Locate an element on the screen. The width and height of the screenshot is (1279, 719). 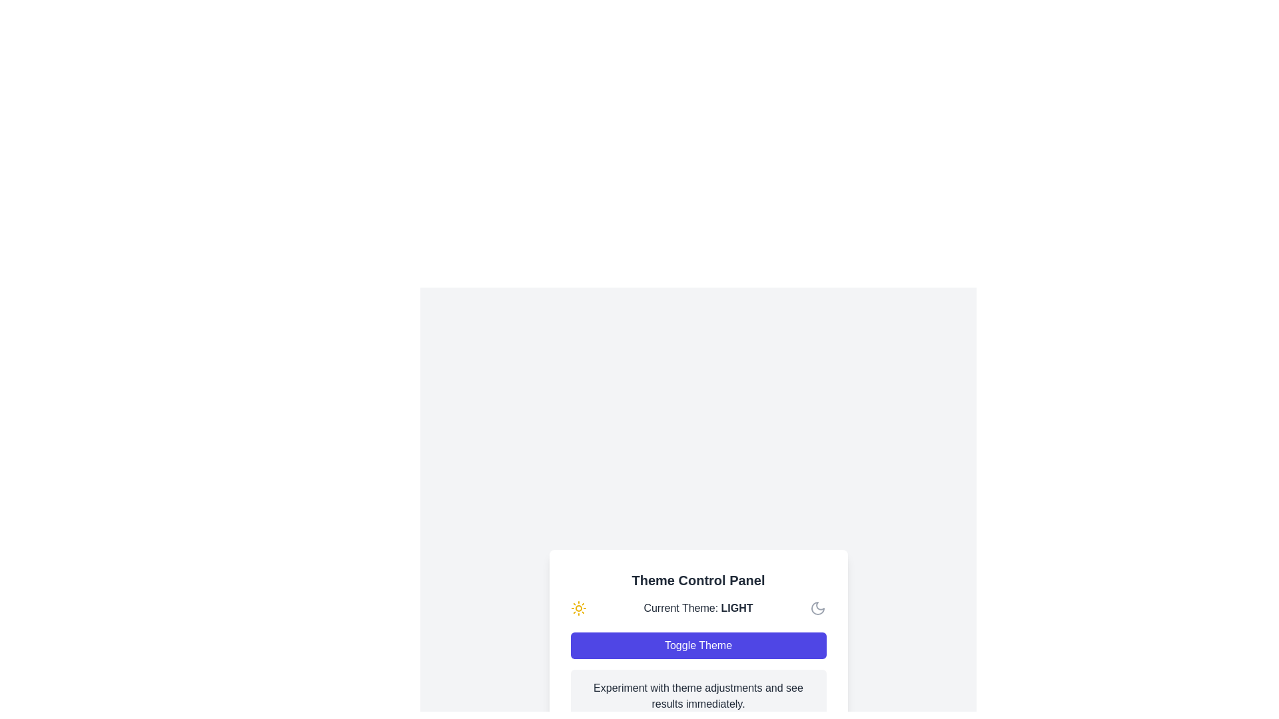
the static text displaying 'Current Theme: LIGHT', which is centrally positioned above the 'Toggle Theme' button in the 'Theme Control Panel' card is located at coordinates (697, 608).